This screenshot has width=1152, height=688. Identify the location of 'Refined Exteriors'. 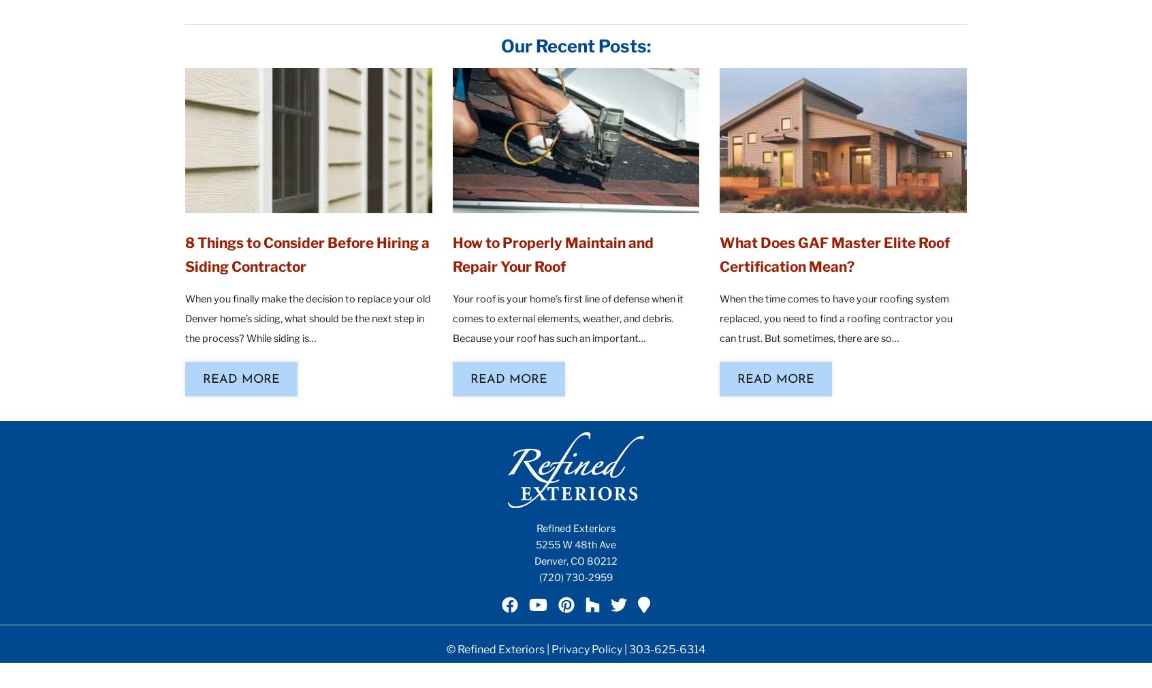
(536, 527).